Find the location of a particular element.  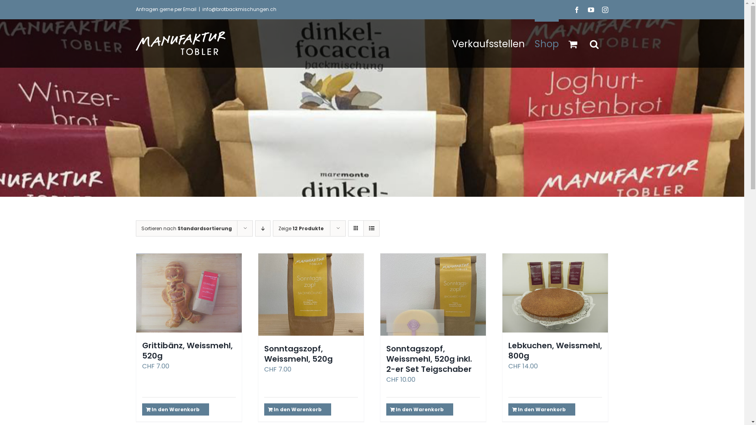

'In den Warenkorb' is located at coordinates (297, 409).